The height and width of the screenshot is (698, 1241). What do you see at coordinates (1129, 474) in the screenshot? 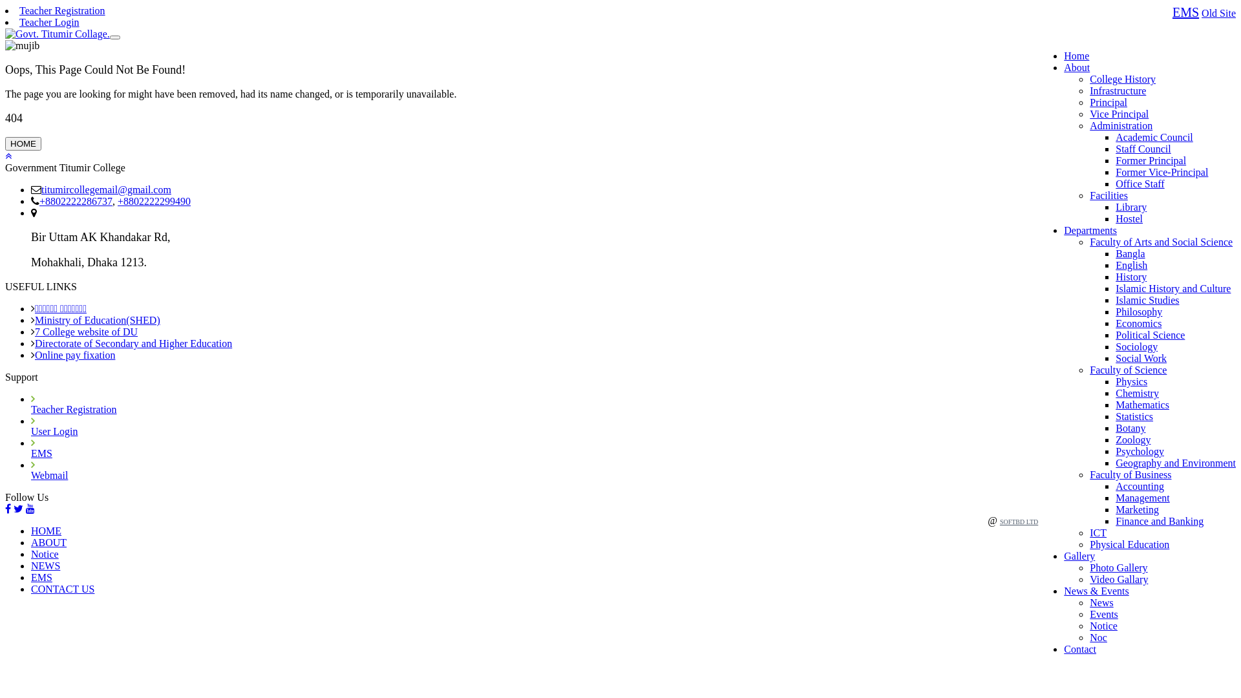
I see `'Faculty of Business'` at bounding box center [1129, 474].